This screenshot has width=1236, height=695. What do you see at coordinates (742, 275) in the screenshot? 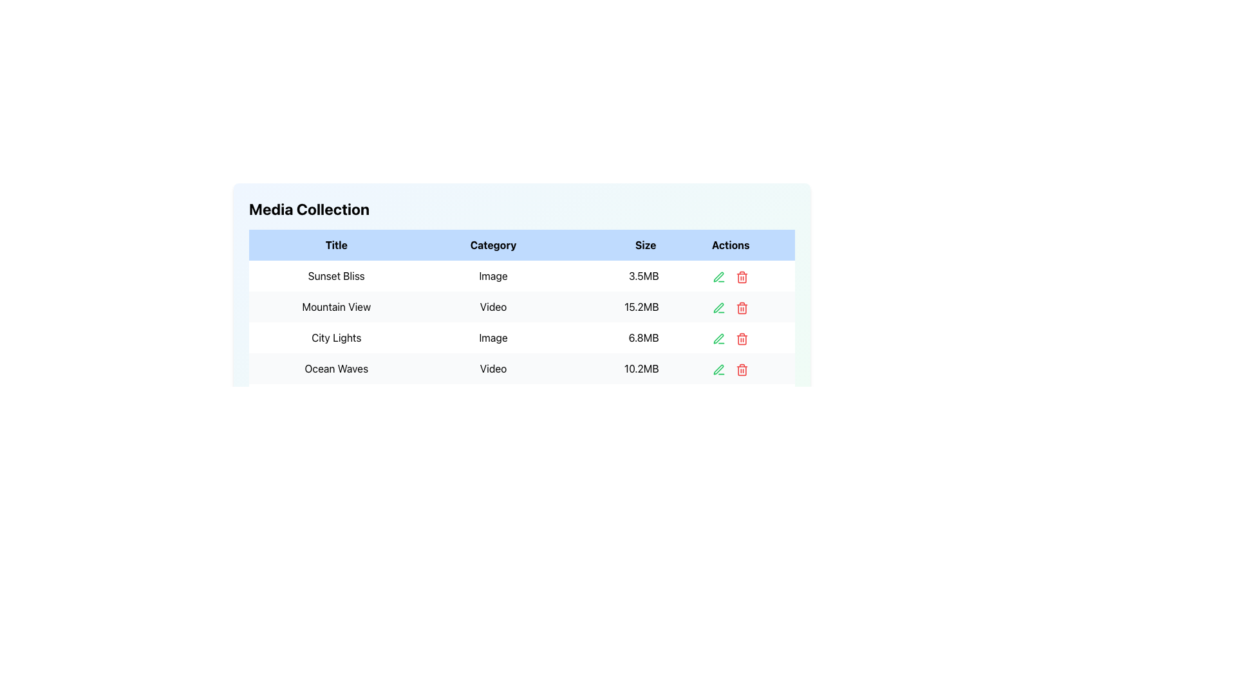
I see `the delete button located` at bounding box center [742, 275].